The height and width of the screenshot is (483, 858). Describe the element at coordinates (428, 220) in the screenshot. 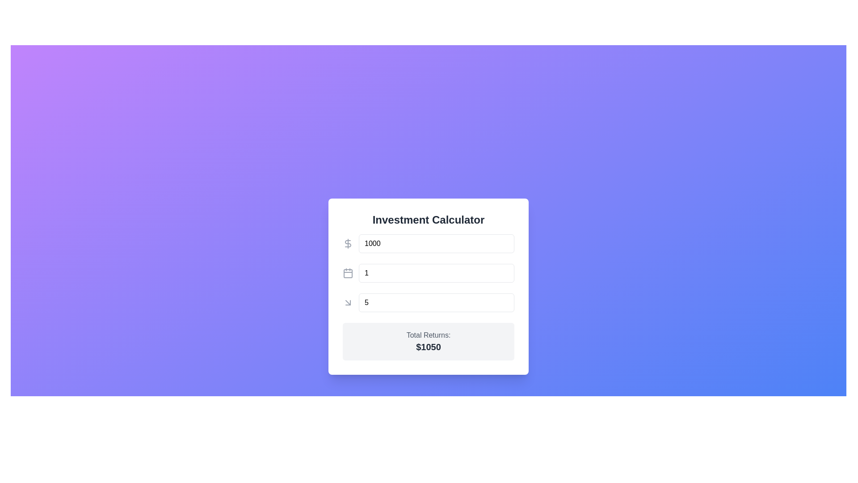

I see `the Text Label that serves as a title for the investment calculator interface, which is located at the top-center of the form group` at that location.